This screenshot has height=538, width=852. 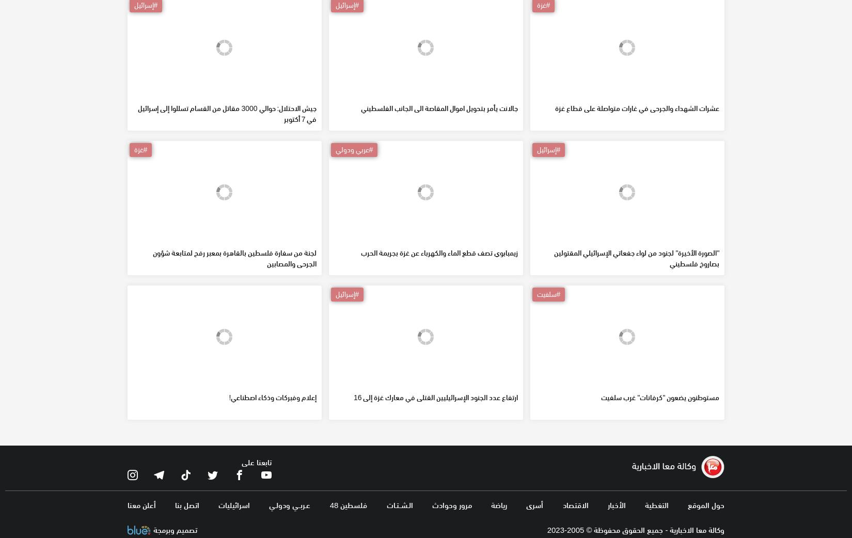 I want to click on '49 جريحا فلسطينيا عبروا لمصر عبر معبر رفح البري اليوم', so click(x=240, y=37).